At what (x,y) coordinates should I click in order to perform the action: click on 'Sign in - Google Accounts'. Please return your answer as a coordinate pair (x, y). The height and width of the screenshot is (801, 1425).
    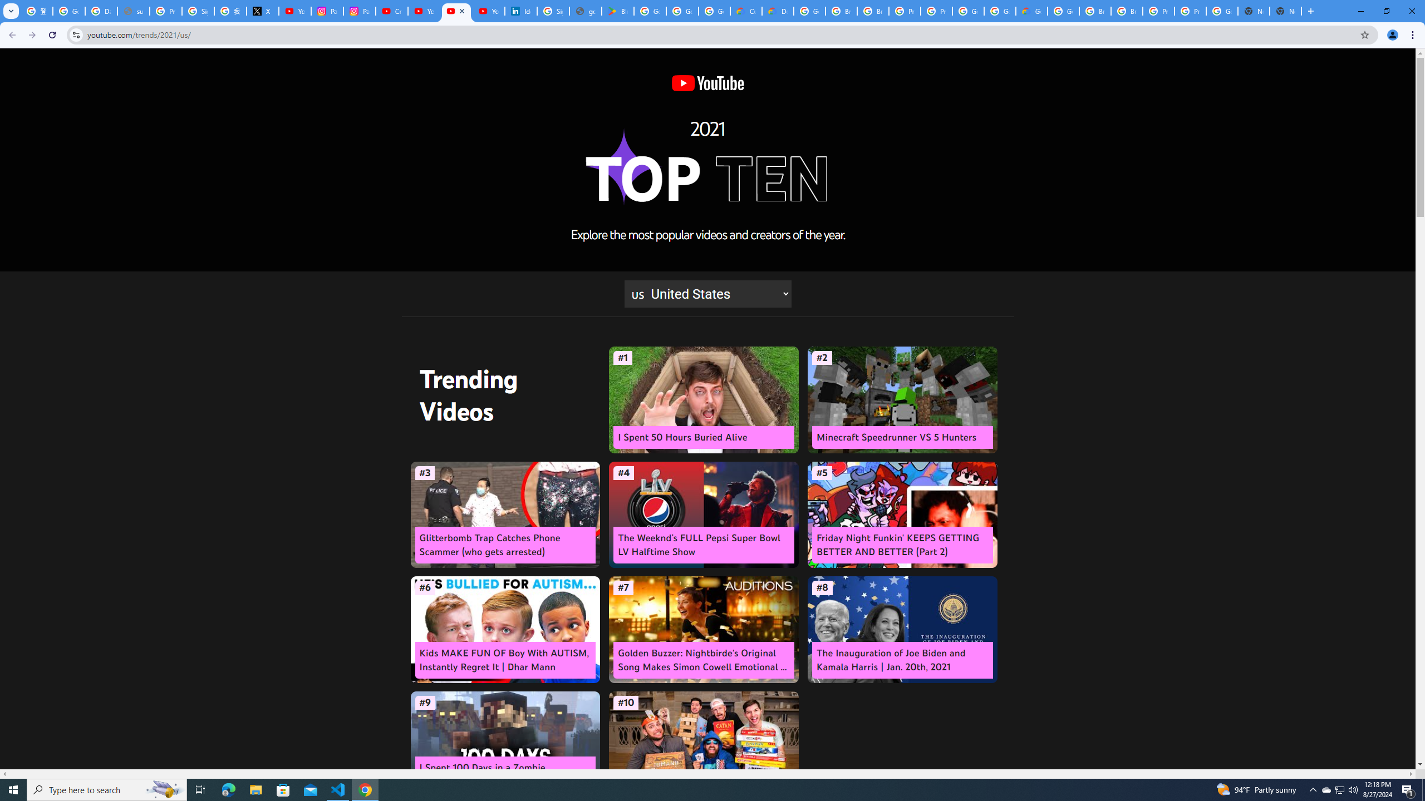
    Looking at the image, I should click on (197, 11).